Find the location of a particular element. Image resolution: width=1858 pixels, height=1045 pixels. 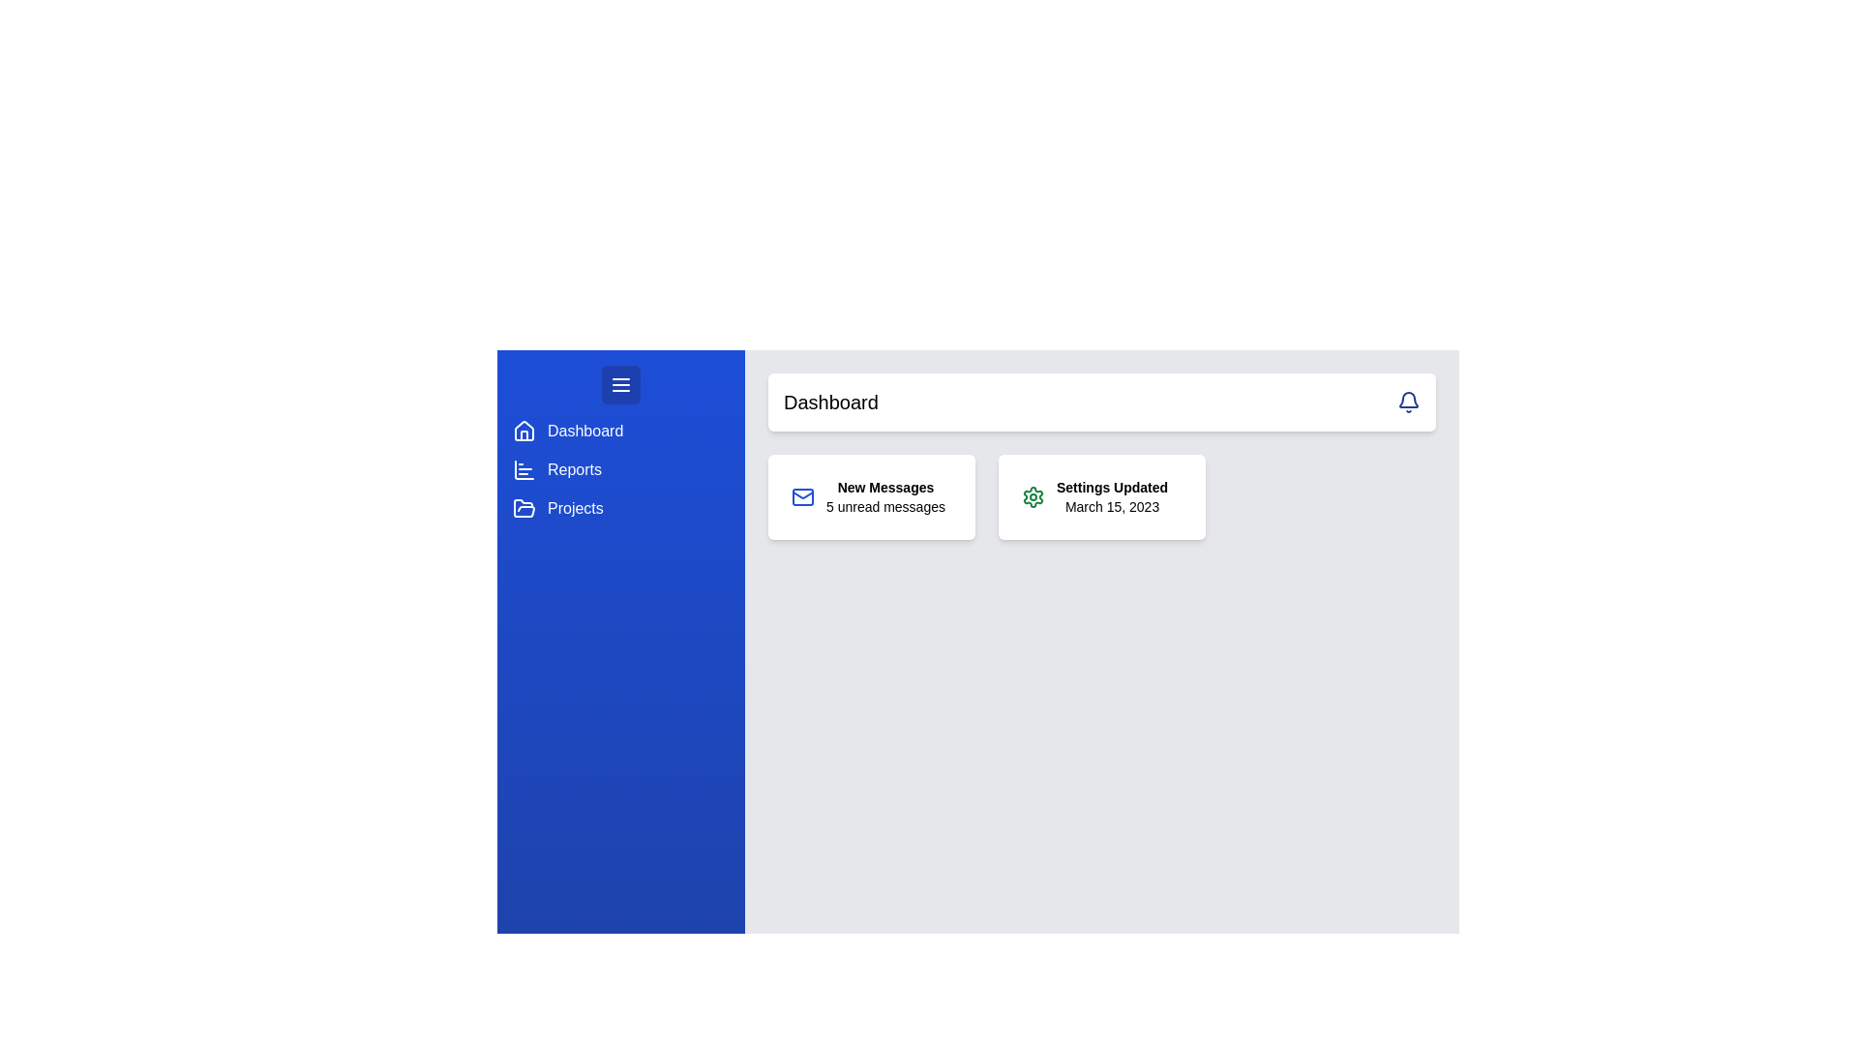

the 'Reports' icon located in the sidebar, which is positioned below the home button and above the projects button is located at coordinates (524, 470).